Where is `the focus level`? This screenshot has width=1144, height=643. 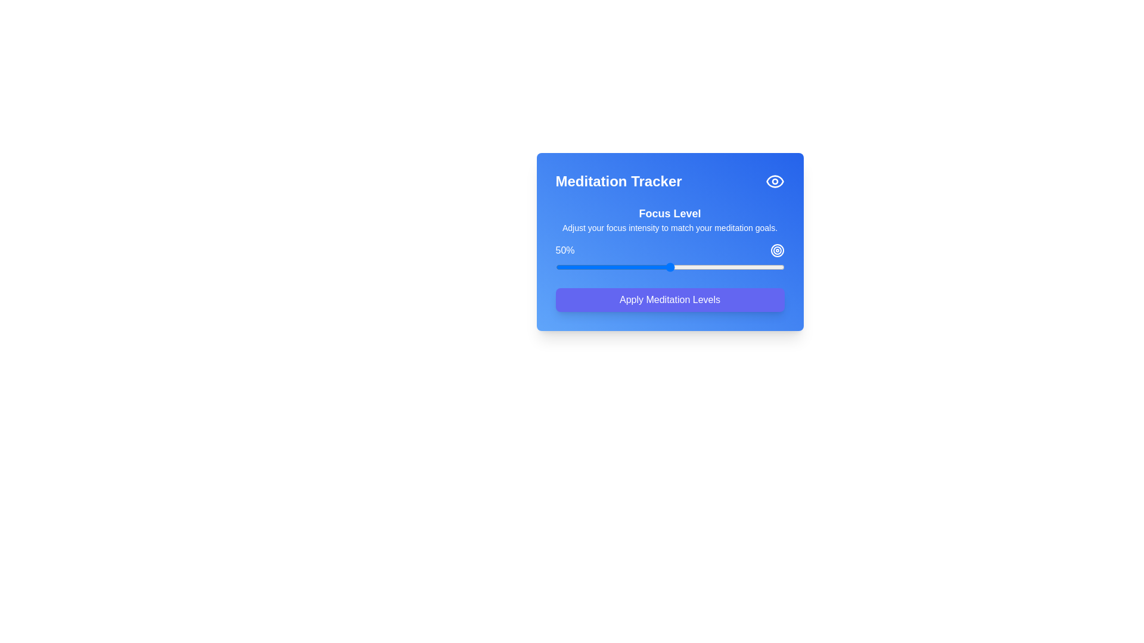 the focus level is located at coordinates (635, 266).